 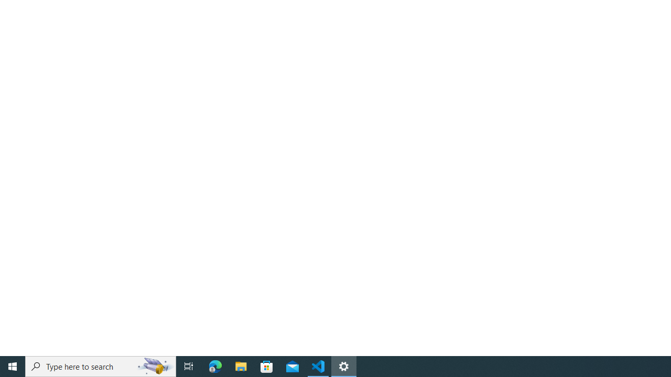 I want to click on 'Type here to search', so click(x=101, y=365).